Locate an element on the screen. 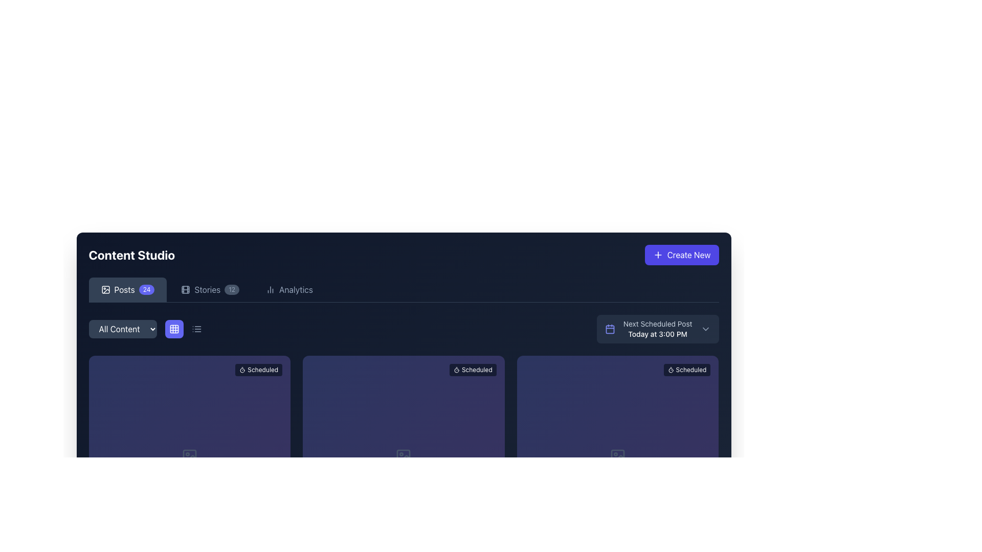 This screenshot has width=982, height=552. the top-left square of the grid layout option in the header area, which allows toggling the view for content in grid format is located at coordinates (174, 329).